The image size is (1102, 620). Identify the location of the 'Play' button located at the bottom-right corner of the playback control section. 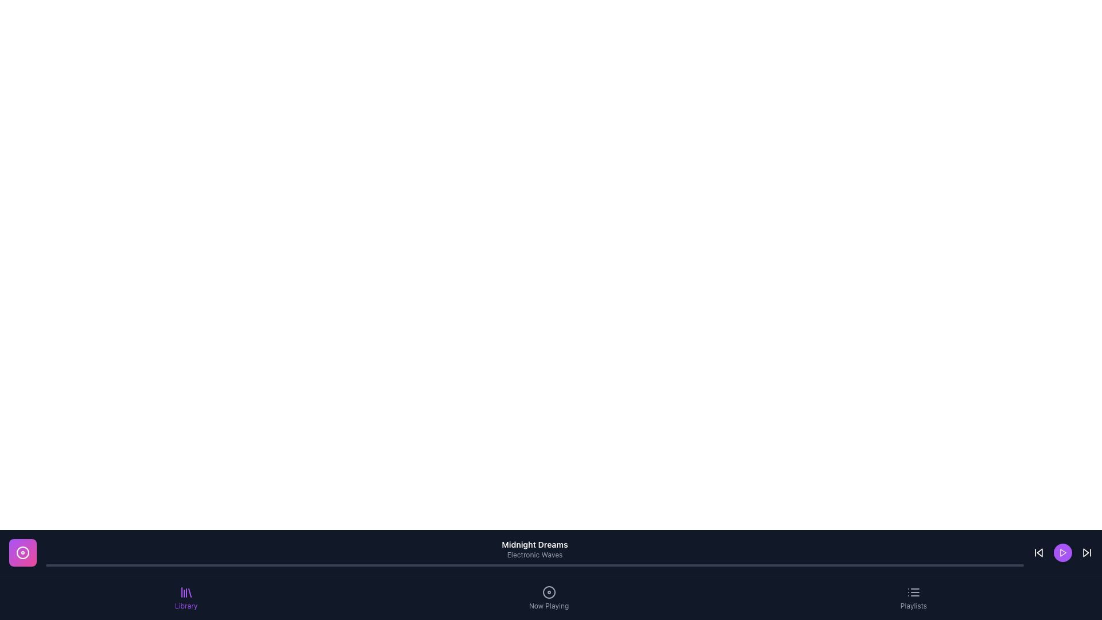
(1062, 552).